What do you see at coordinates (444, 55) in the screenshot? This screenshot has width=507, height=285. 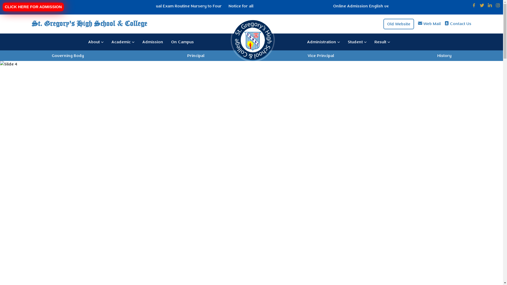 I see `'History'` at bounding box center [444, 55].